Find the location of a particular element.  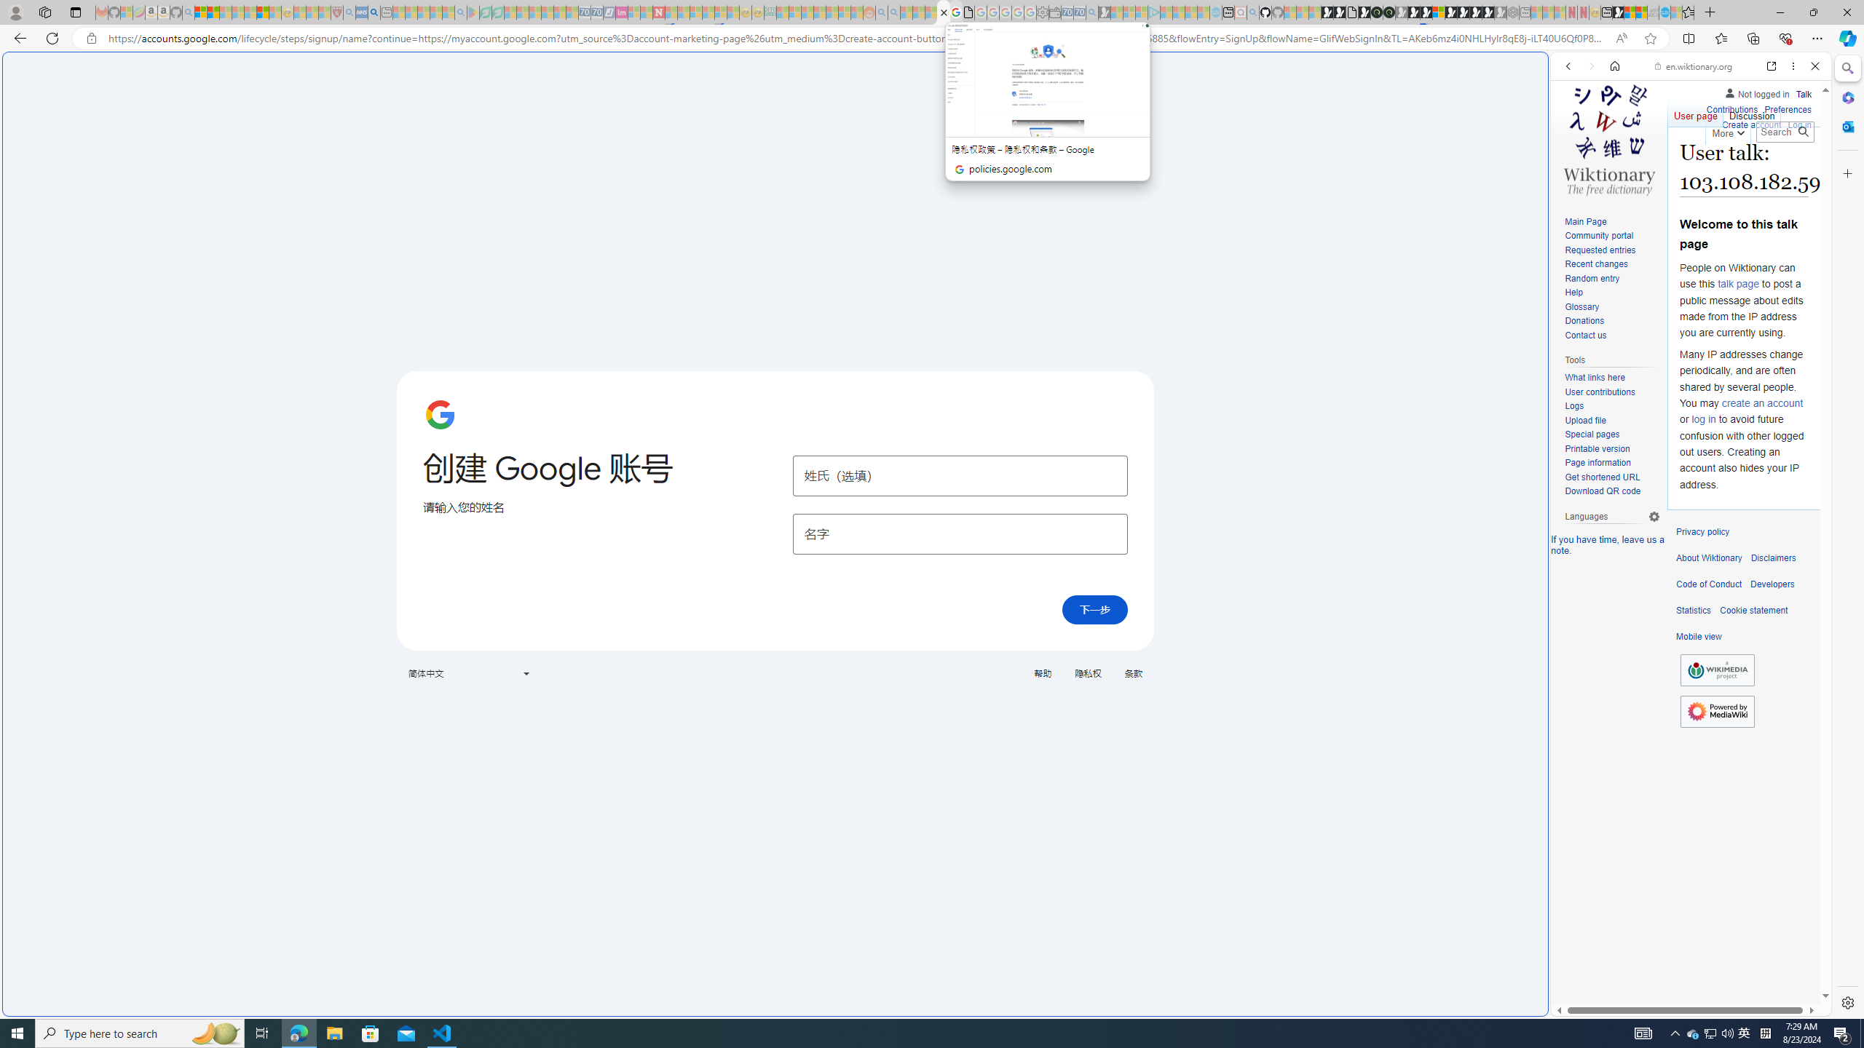

'Get shortened URL' is located at coordinates (1611, 477).